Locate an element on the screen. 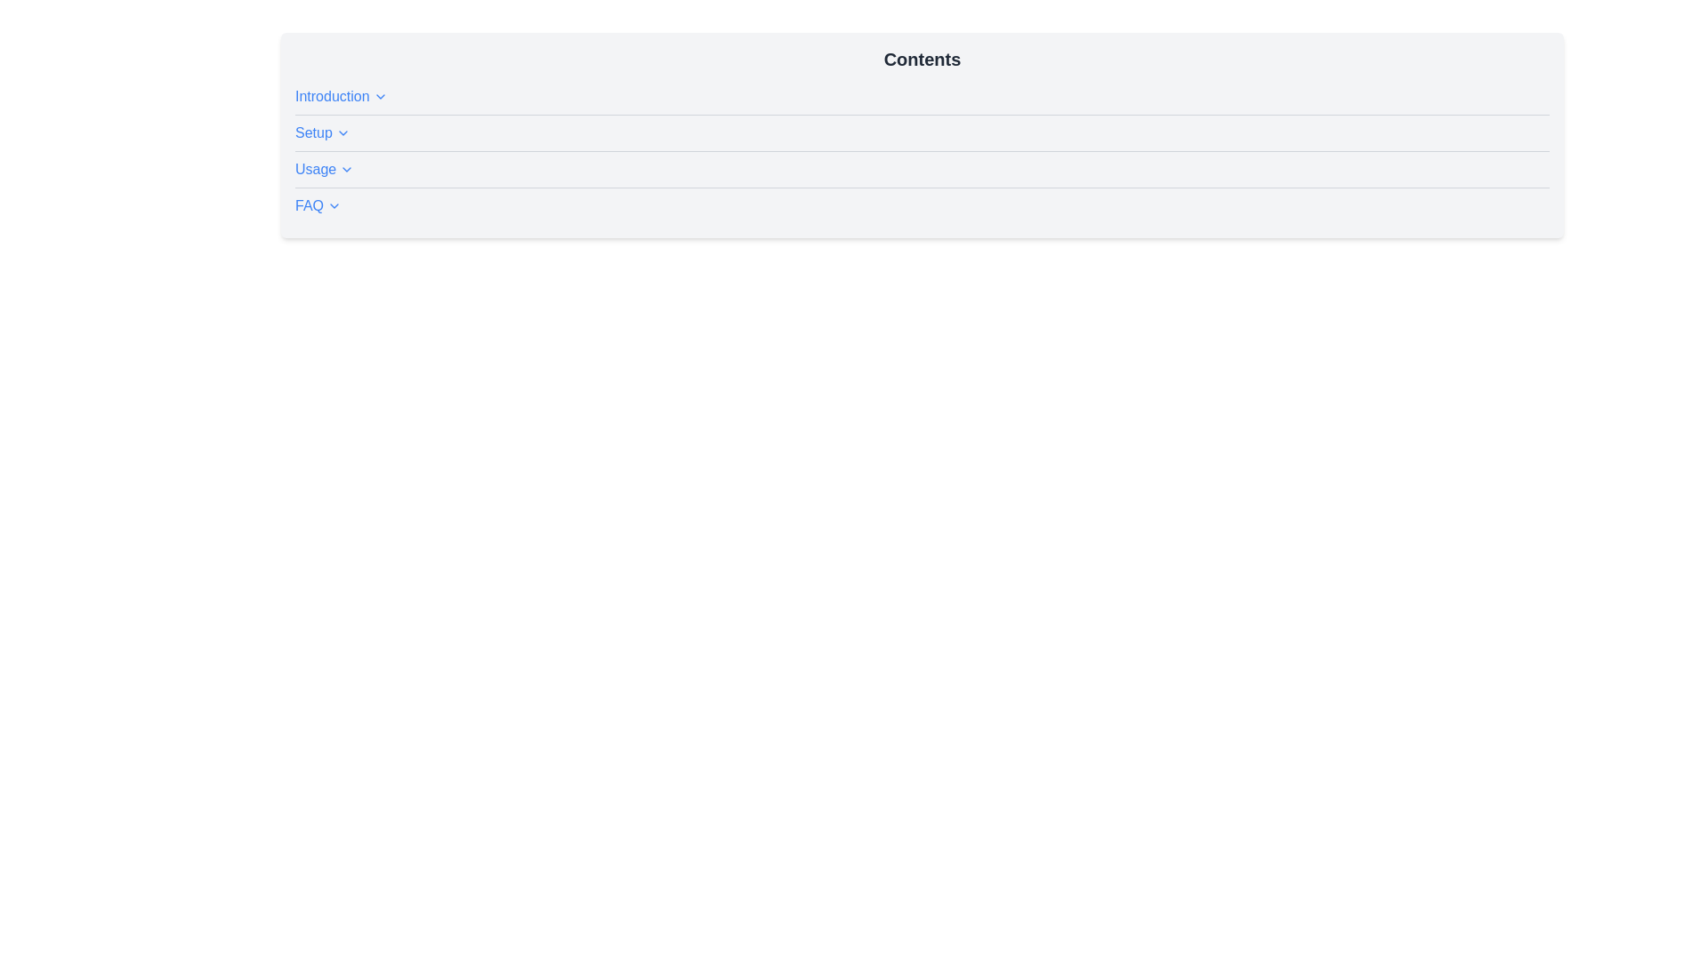 The width and height of the screenshot is (1708, 960). the small downward-pointing chevron icon located immediately to the right of the 'Setup' text label in the second row of the list is located at coordinates (342, 132).